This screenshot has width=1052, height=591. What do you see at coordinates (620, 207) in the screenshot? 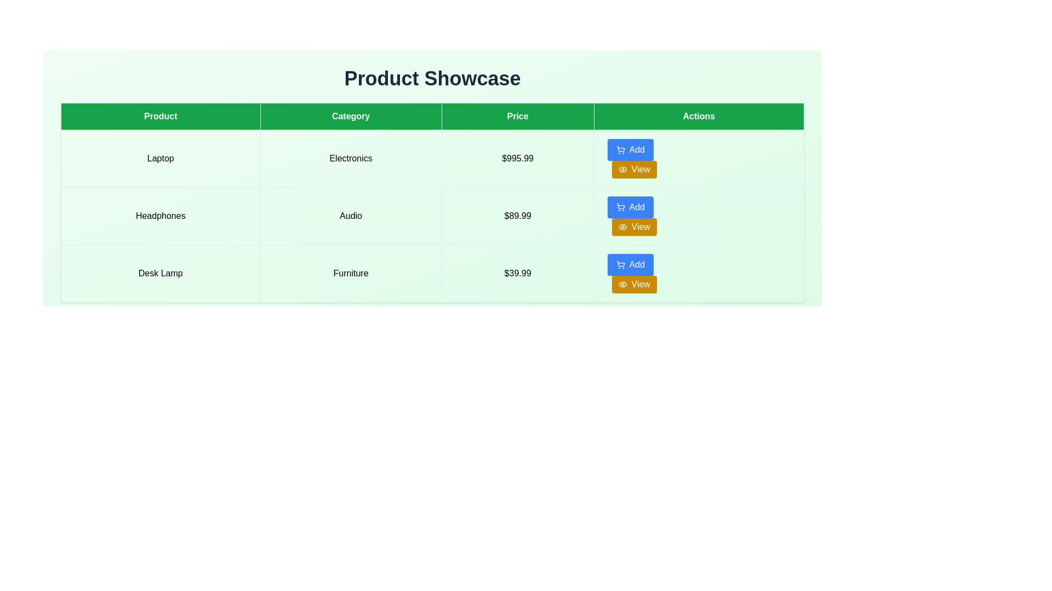
I see `the cart icon located at the leftmost part of the 'Add' button in the second row of the 'Product Showcase' table` at bounding box center [620, 207].